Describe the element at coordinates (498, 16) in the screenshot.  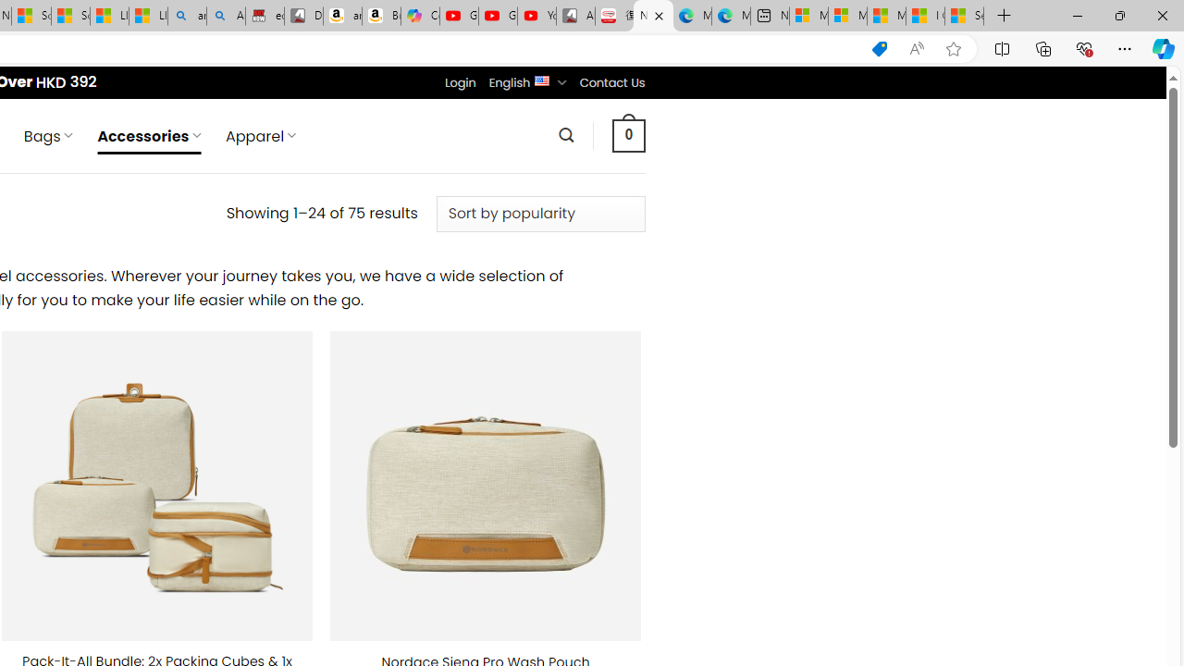
I see `'Gloom - YouTube'` at that location.